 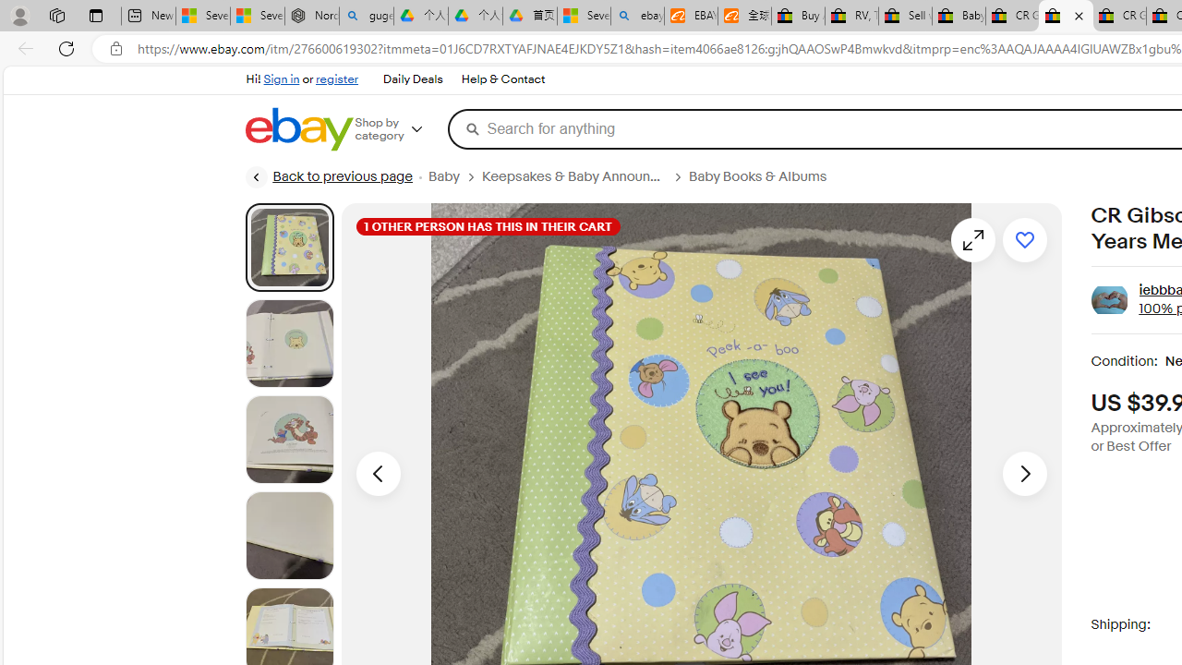 What do you see at coordinates (377, 472) in the screenshot?
I see `'Previous image - Item images thumbnails'` at bounding box center [377, 472].